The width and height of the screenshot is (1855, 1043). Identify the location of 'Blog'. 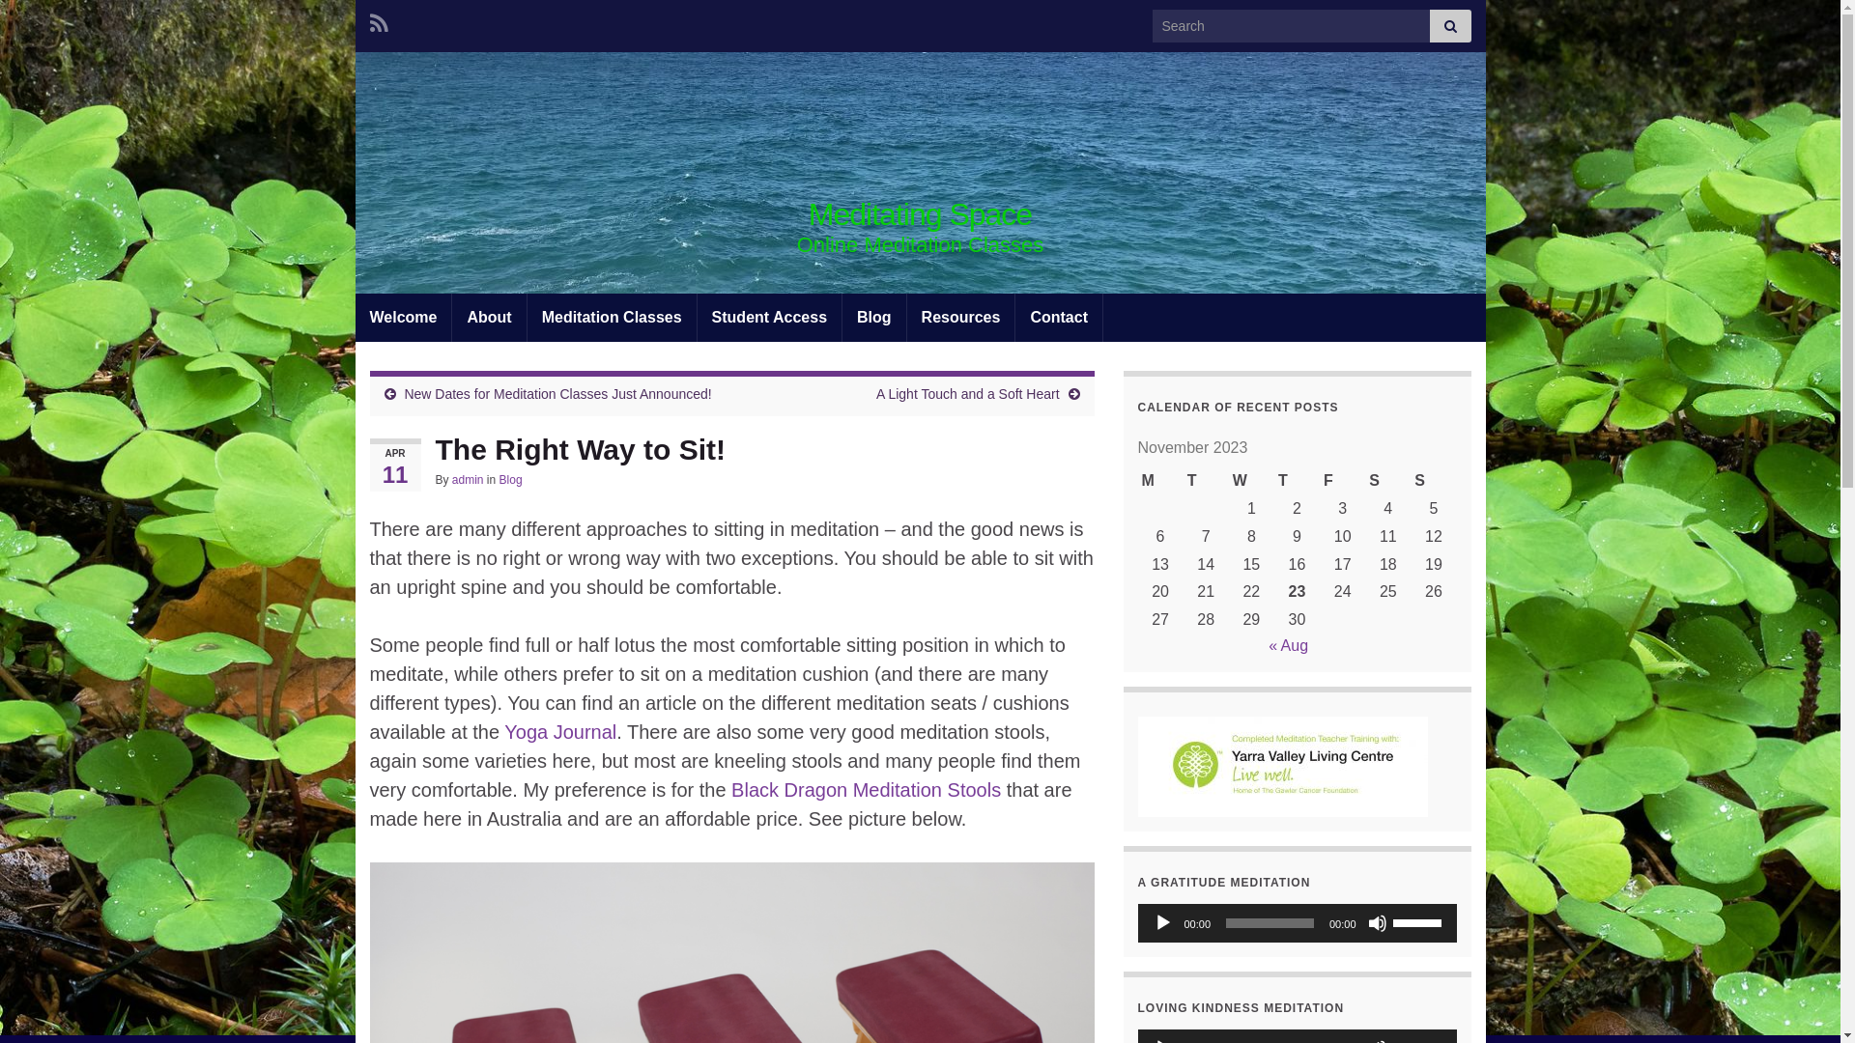
(842, 316).